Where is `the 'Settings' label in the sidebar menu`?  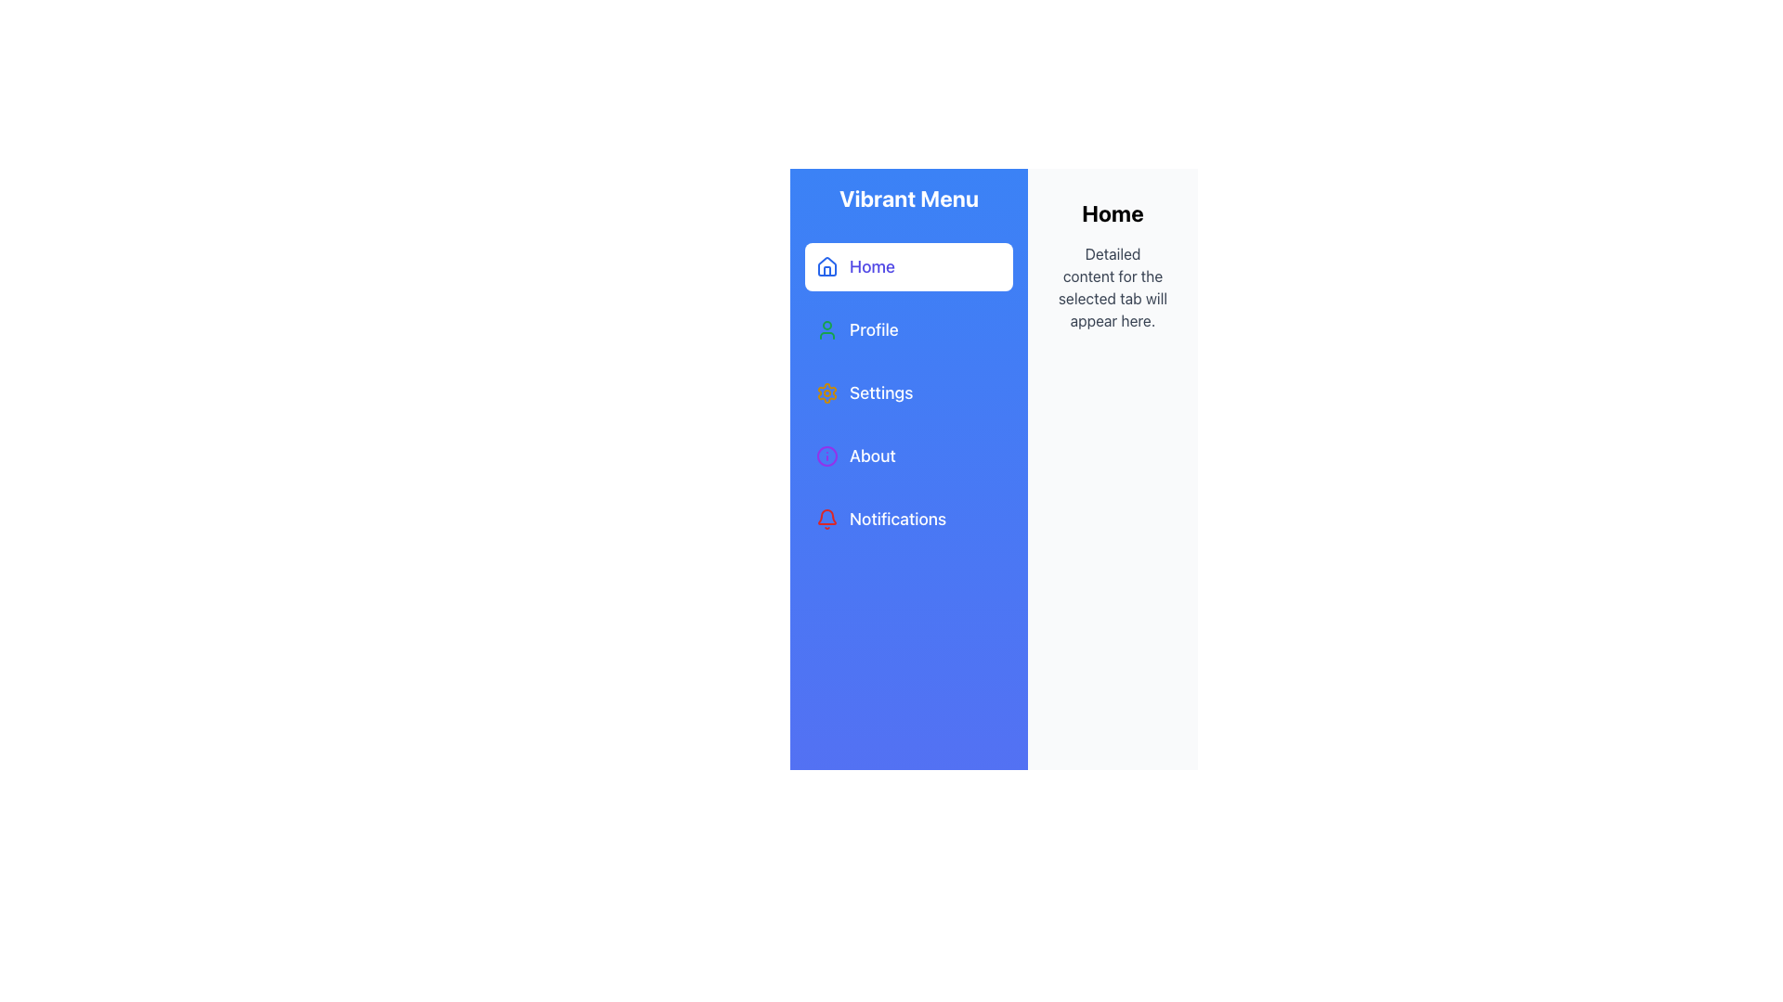 the 'Settings' label in the sidebar menu is located at coordinates (880, 392).